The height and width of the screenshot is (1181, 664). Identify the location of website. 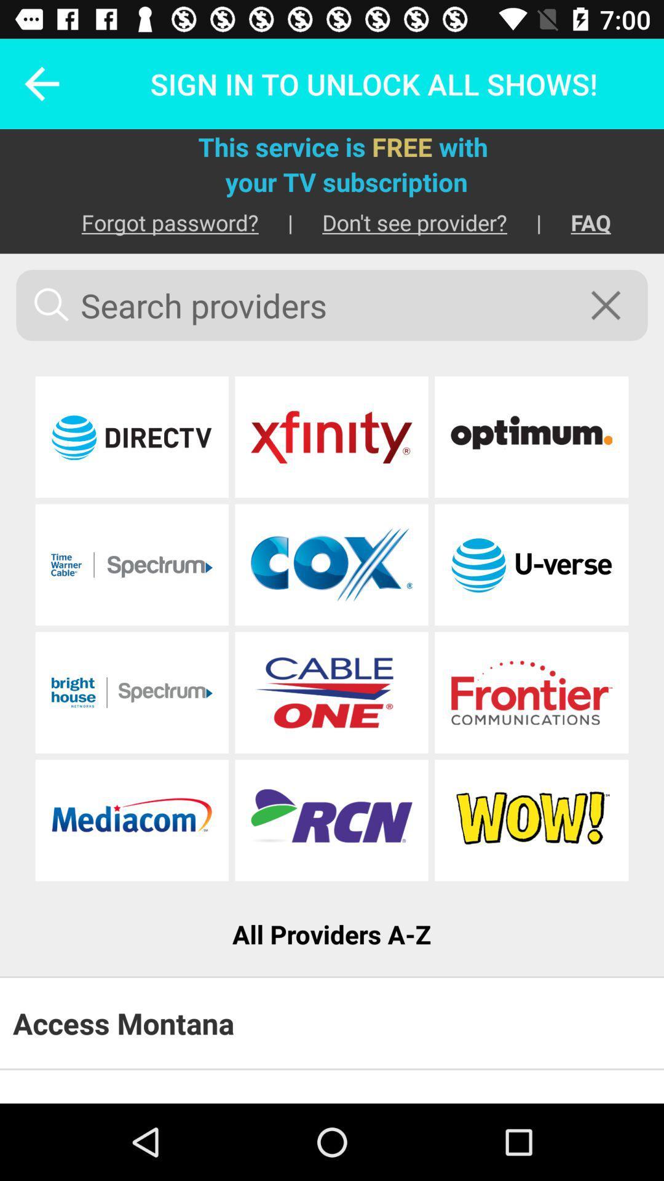
(331, 820).